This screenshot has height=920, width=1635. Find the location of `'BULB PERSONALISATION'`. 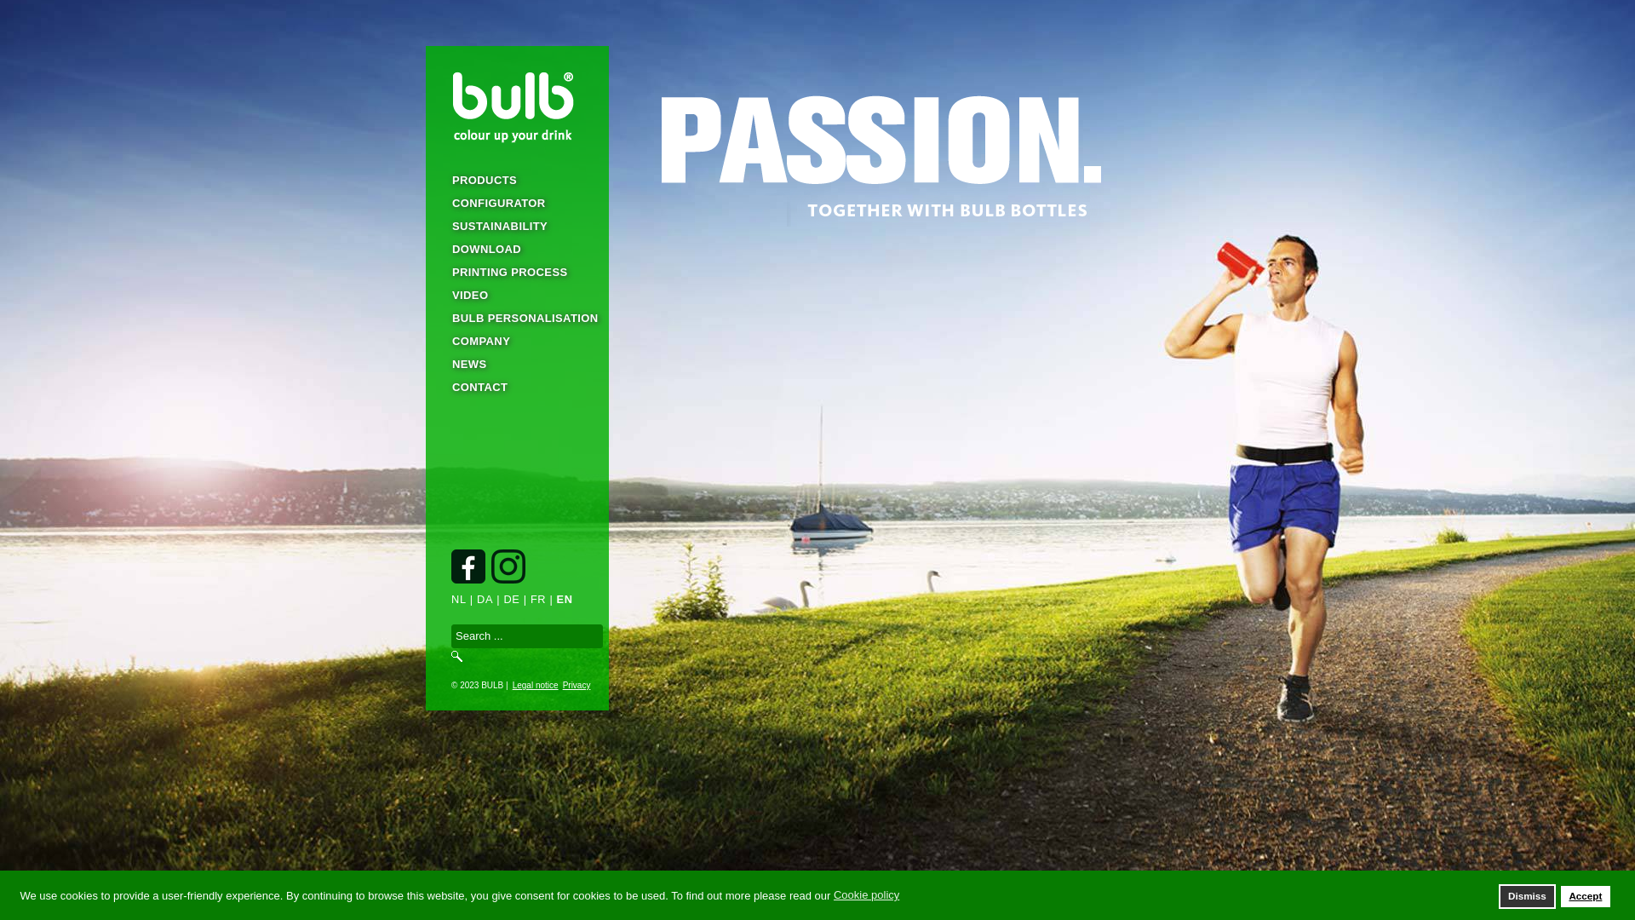

'BULB PERSONALISATION' is located at coordinates (516, 318).